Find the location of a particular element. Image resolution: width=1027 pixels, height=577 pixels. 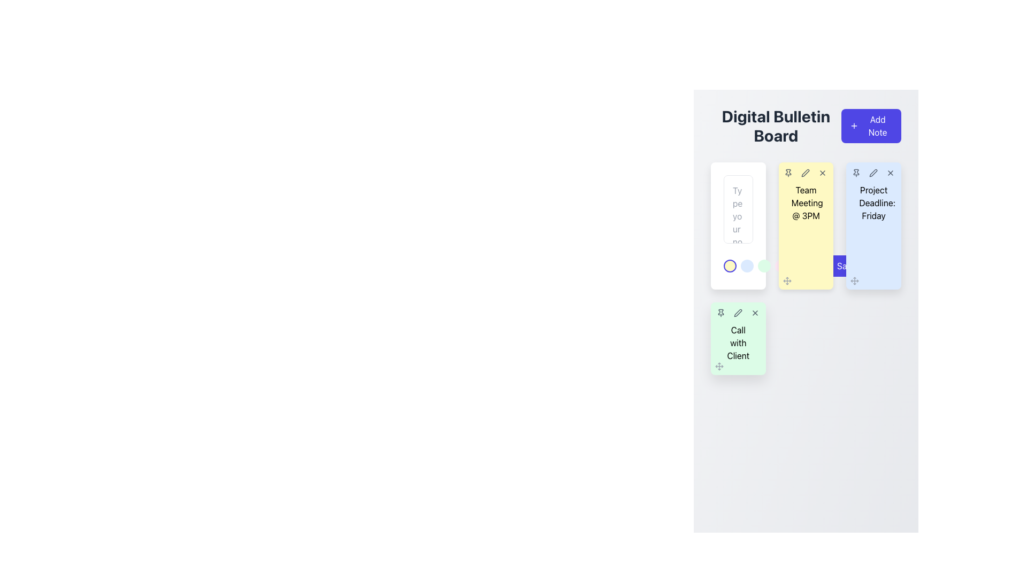

the pencil icon in the top-right corner of the yellow 'Team Meeting @ 3PM' card is located at coordinates (806, 173).